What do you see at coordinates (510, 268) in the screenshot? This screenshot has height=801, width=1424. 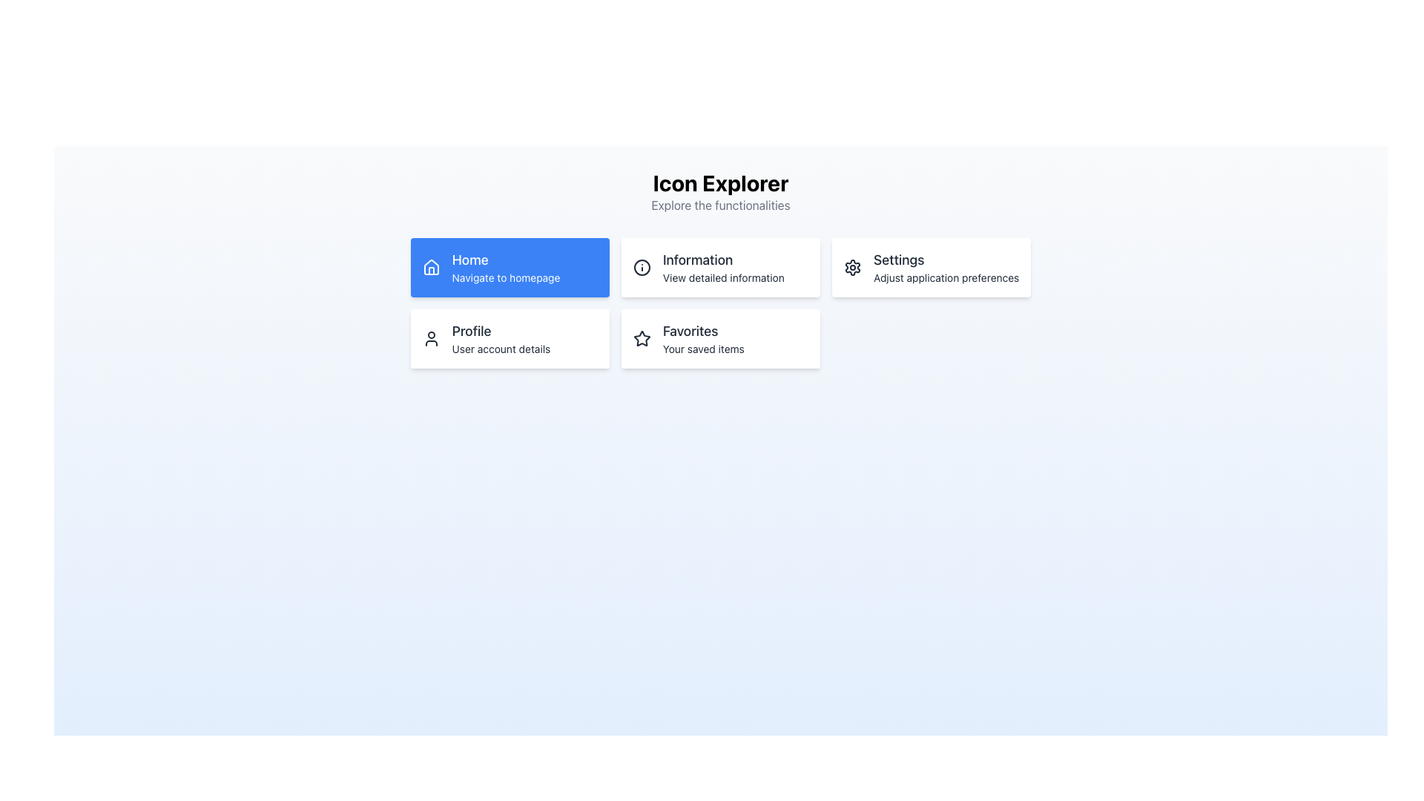 I see `the leftmost button on the top row of the grid layout` at bounding box center [510, 268].